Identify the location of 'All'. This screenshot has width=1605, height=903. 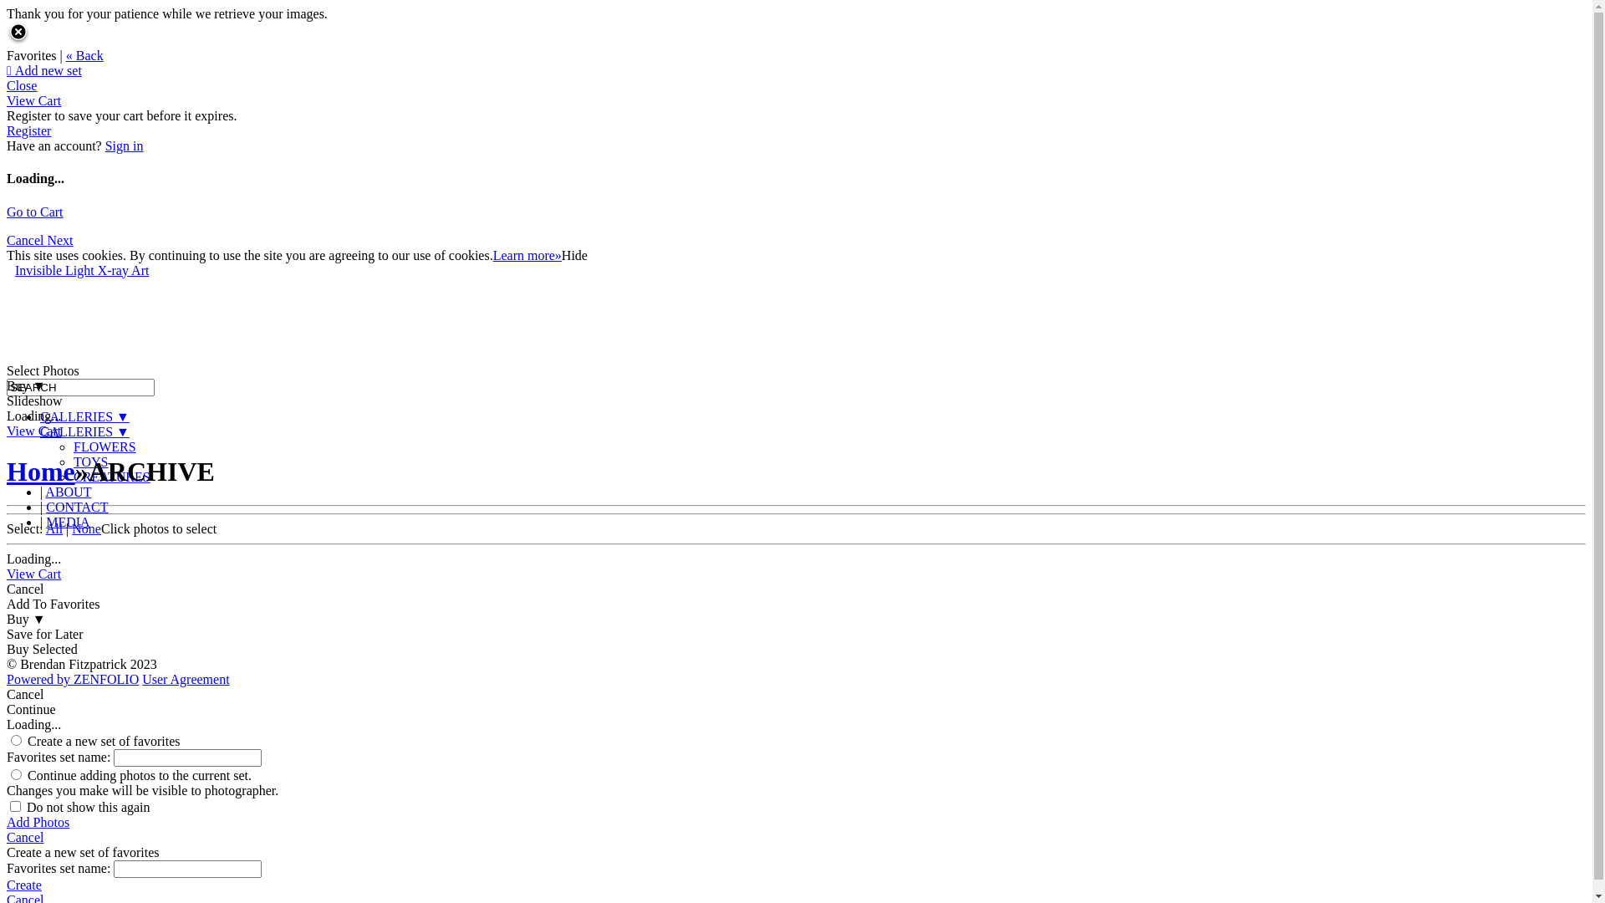
(54, 528).